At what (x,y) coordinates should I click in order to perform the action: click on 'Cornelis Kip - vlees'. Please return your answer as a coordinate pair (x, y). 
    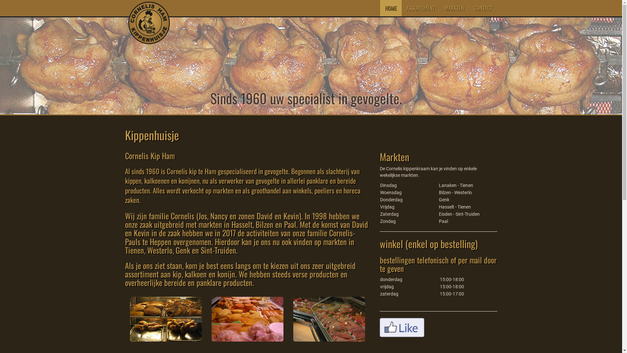
    Looking at the image, I should click on (247, 319).